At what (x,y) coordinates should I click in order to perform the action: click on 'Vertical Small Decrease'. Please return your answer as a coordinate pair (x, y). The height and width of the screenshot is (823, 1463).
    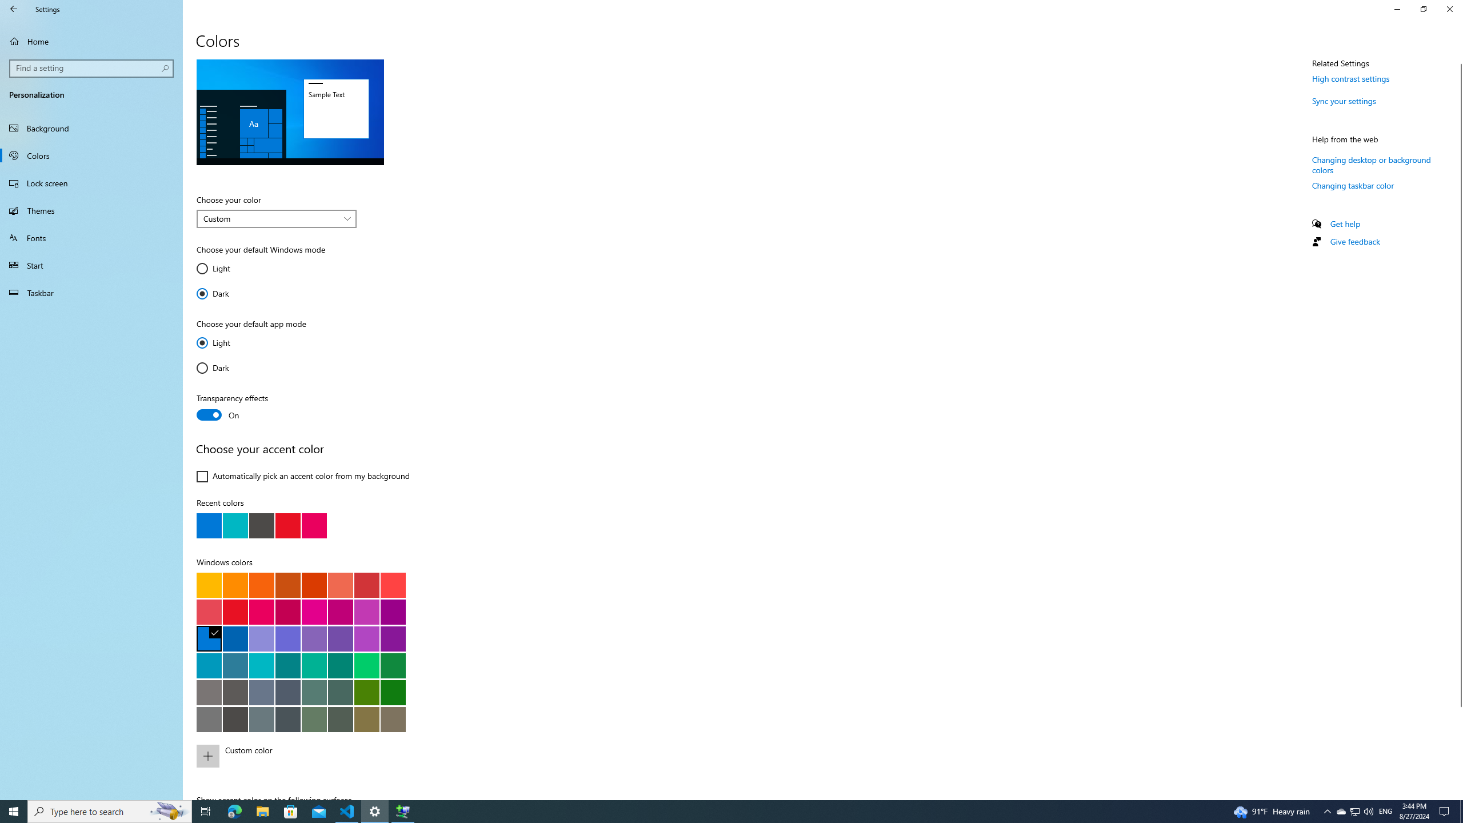
    Looking at the image, I should click on (1458, 59).